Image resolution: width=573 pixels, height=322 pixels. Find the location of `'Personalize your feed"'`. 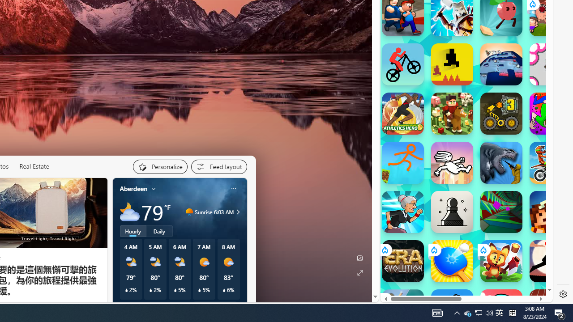

'Personalize your feed"' is located at coordinates (160, 166).